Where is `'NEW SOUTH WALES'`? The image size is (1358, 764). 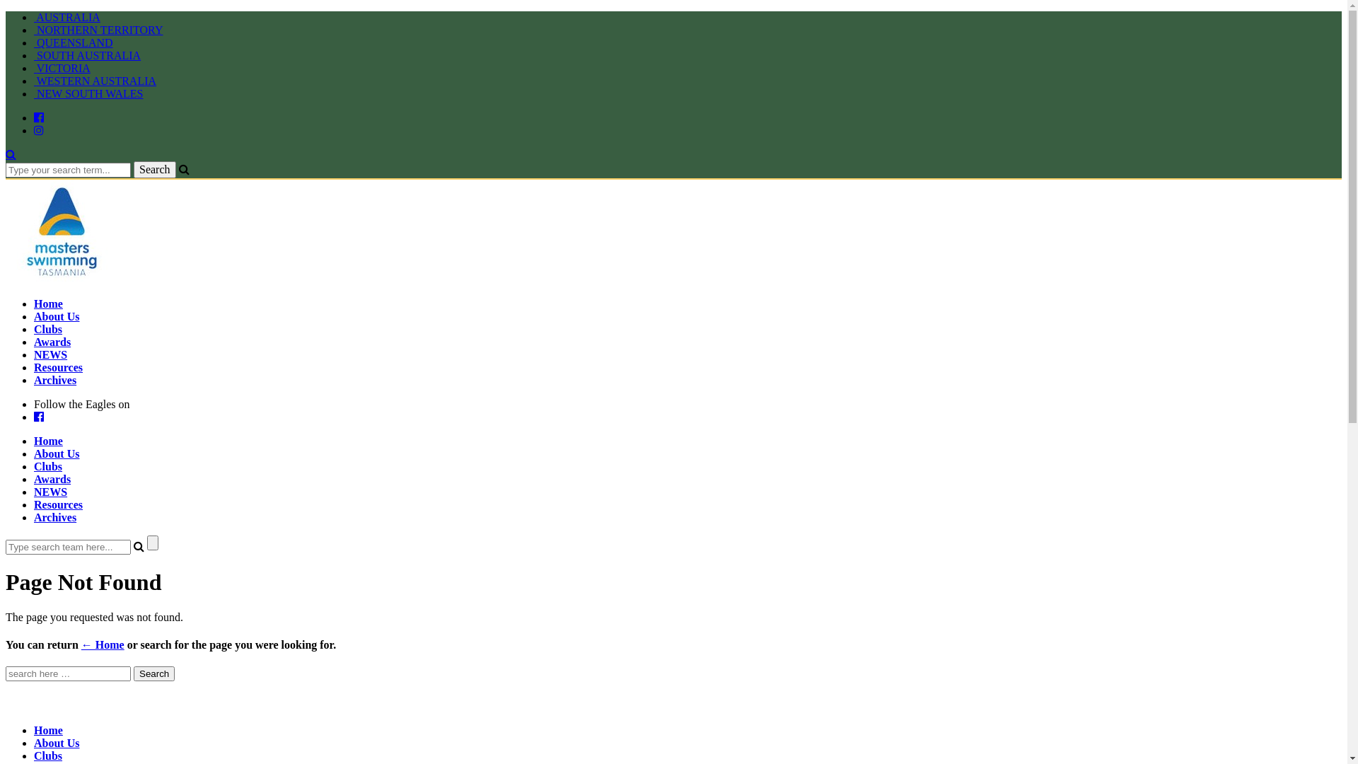
'NEW SOUTH WALES' is located at coordinates (88, 93).